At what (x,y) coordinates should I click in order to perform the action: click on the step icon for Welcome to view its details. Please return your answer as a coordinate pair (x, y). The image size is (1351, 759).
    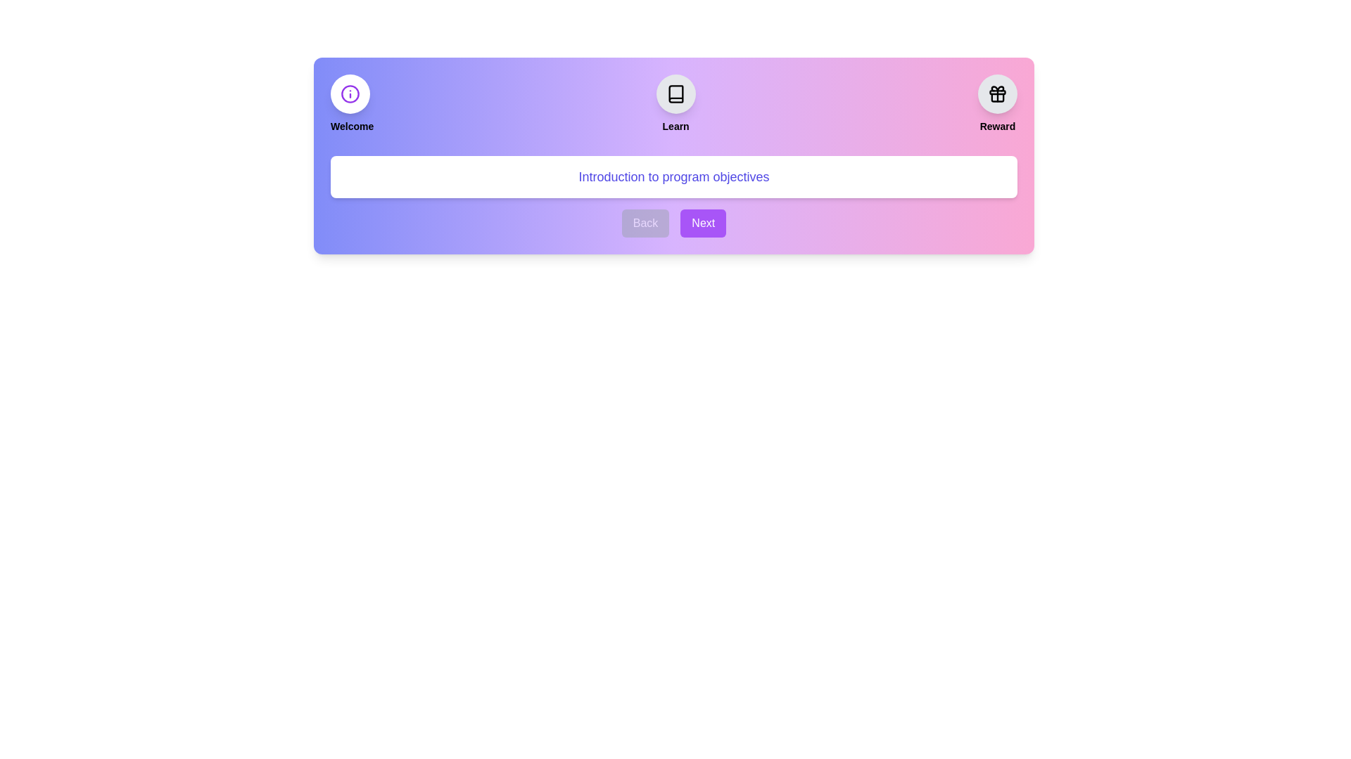
    Looking at the image, I should click on (350, 94).